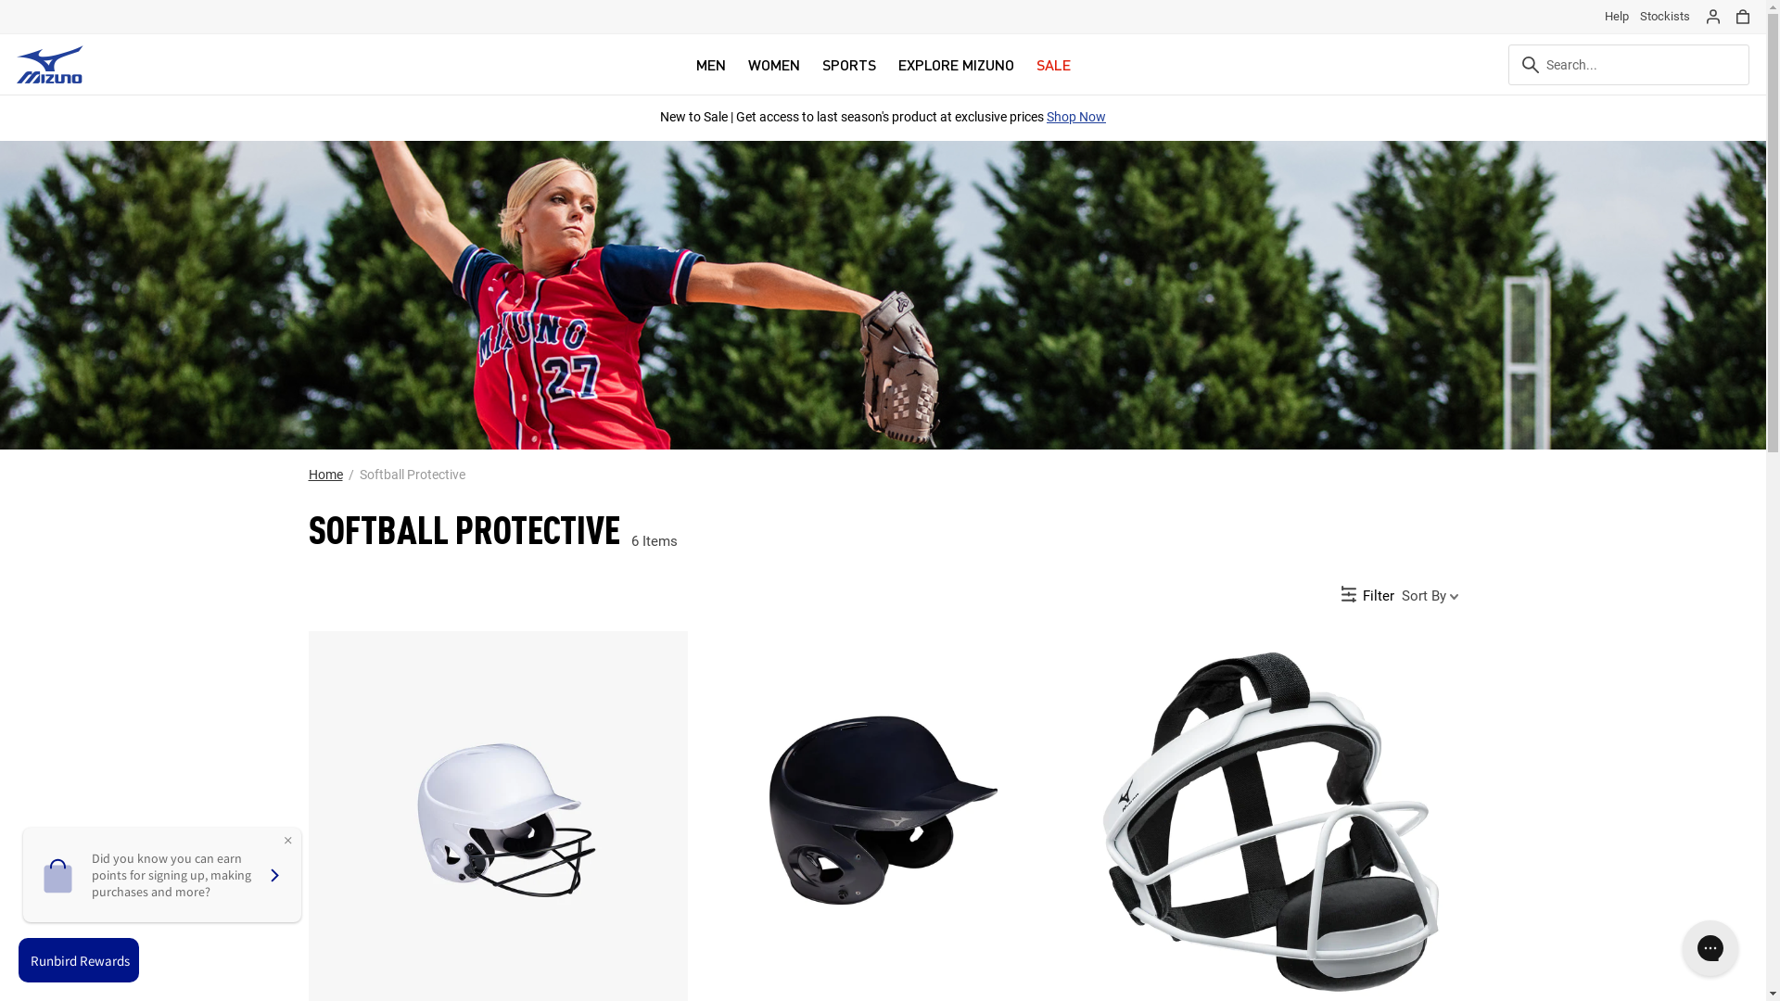 Image resolution: width=1780 pixels, height=1001 pixels. I want to click on 'Gorgias live chat messenger', so click(1709, 947).